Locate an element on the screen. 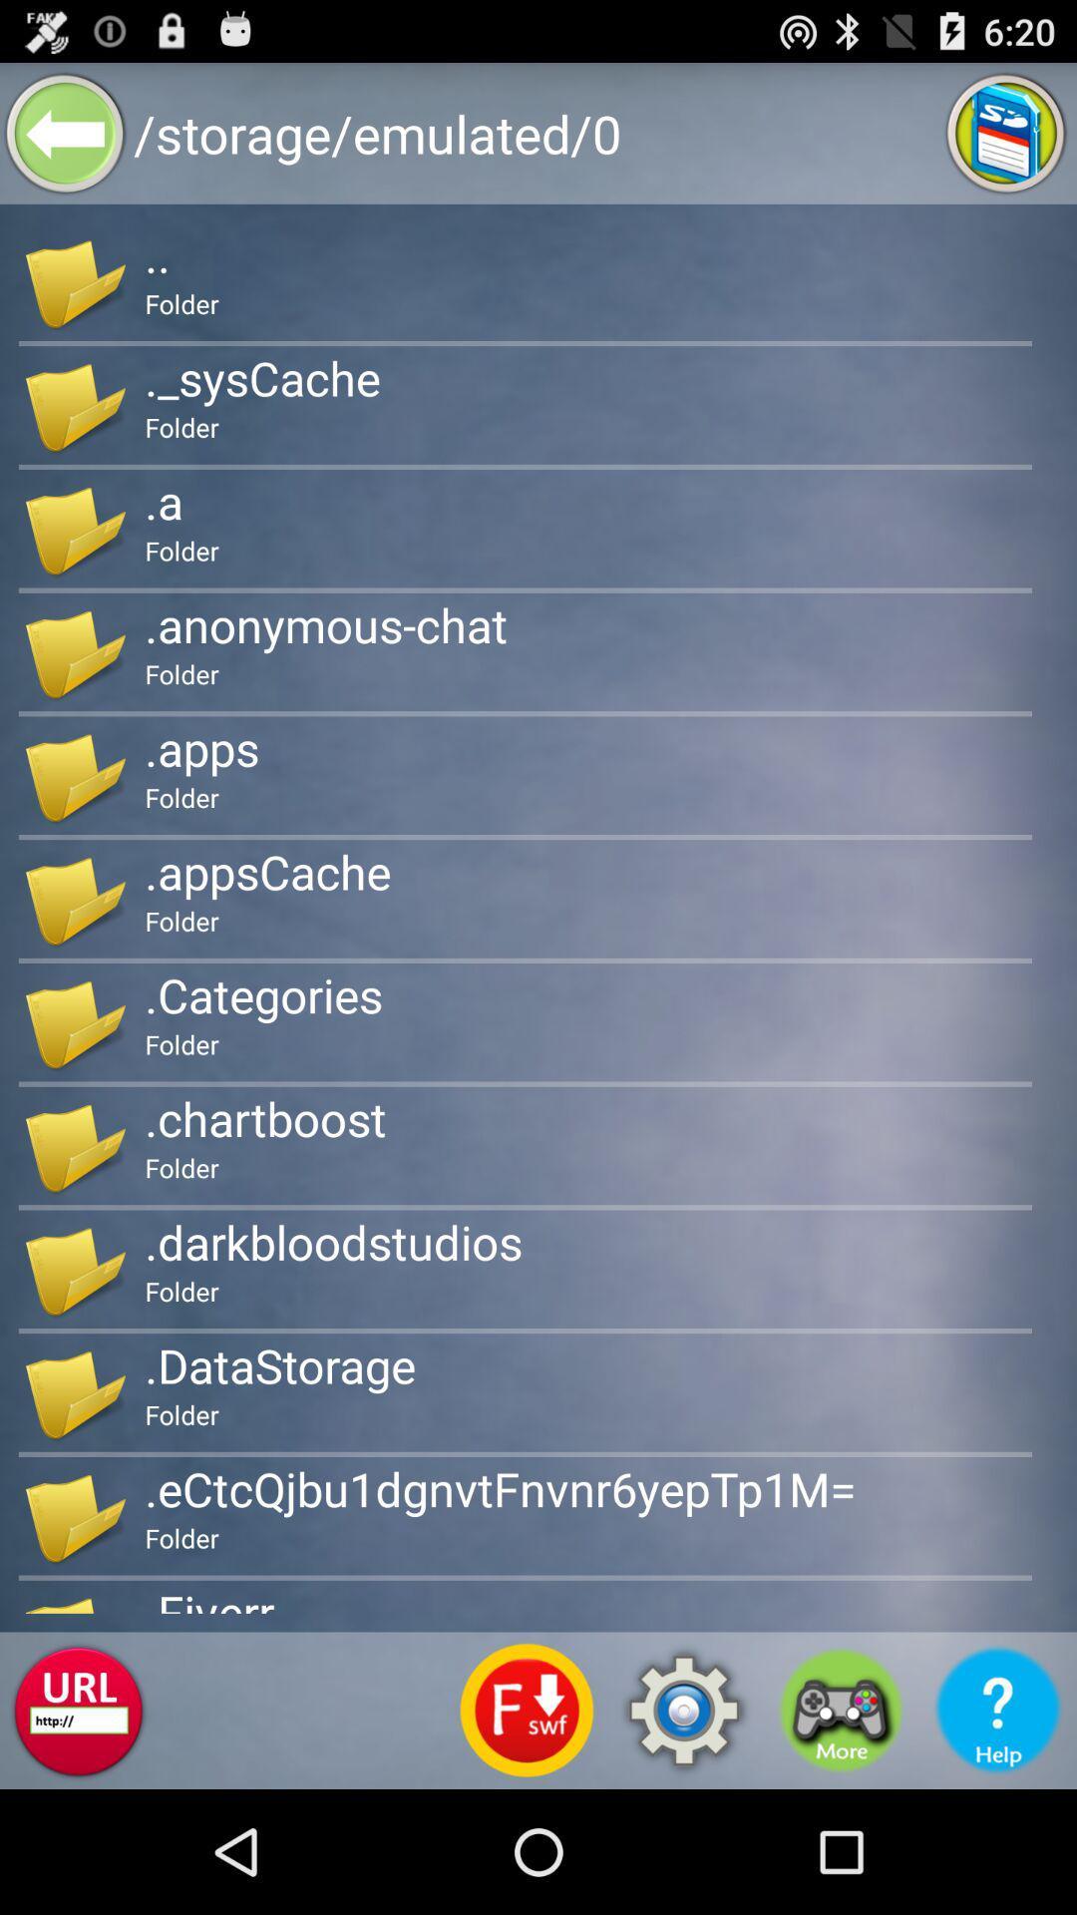 This screenshot has width=1077, height=1915. the .apps app is located at coordinates (201, 747).